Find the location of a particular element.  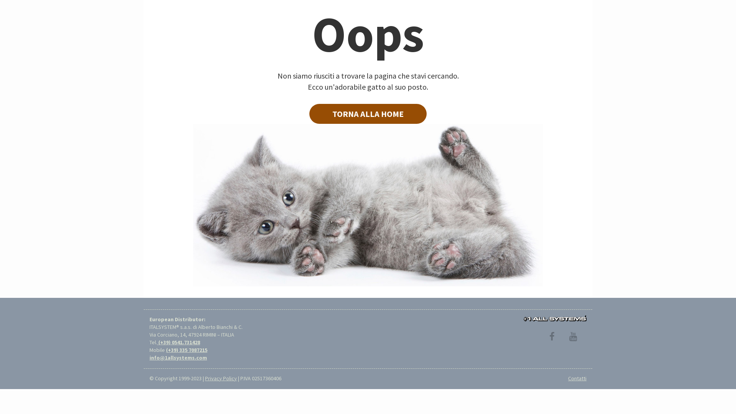

'(+39) 335 7087215' is located at coordinates (165, 350).